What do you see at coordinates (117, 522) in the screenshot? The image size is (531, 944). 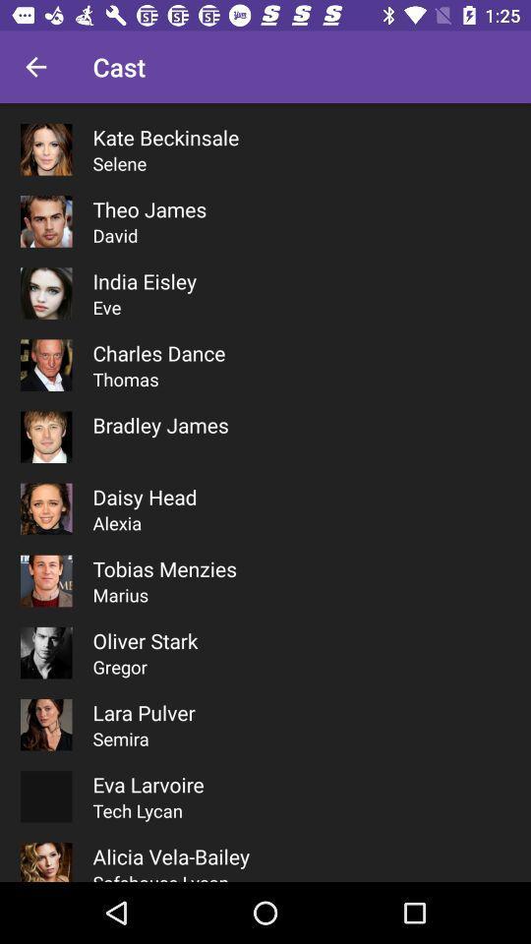 I see `alexia item` at bounding box center [117, 522].